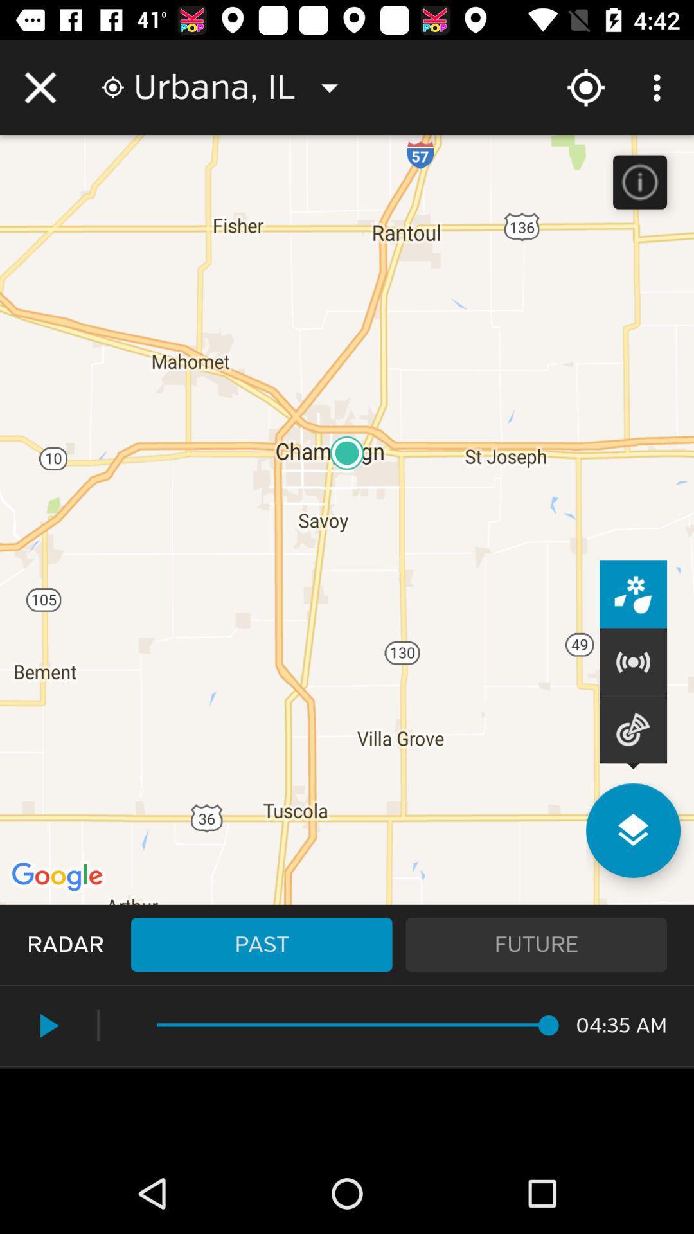  I want to click on item next to the radar icon, so click(261, 944).